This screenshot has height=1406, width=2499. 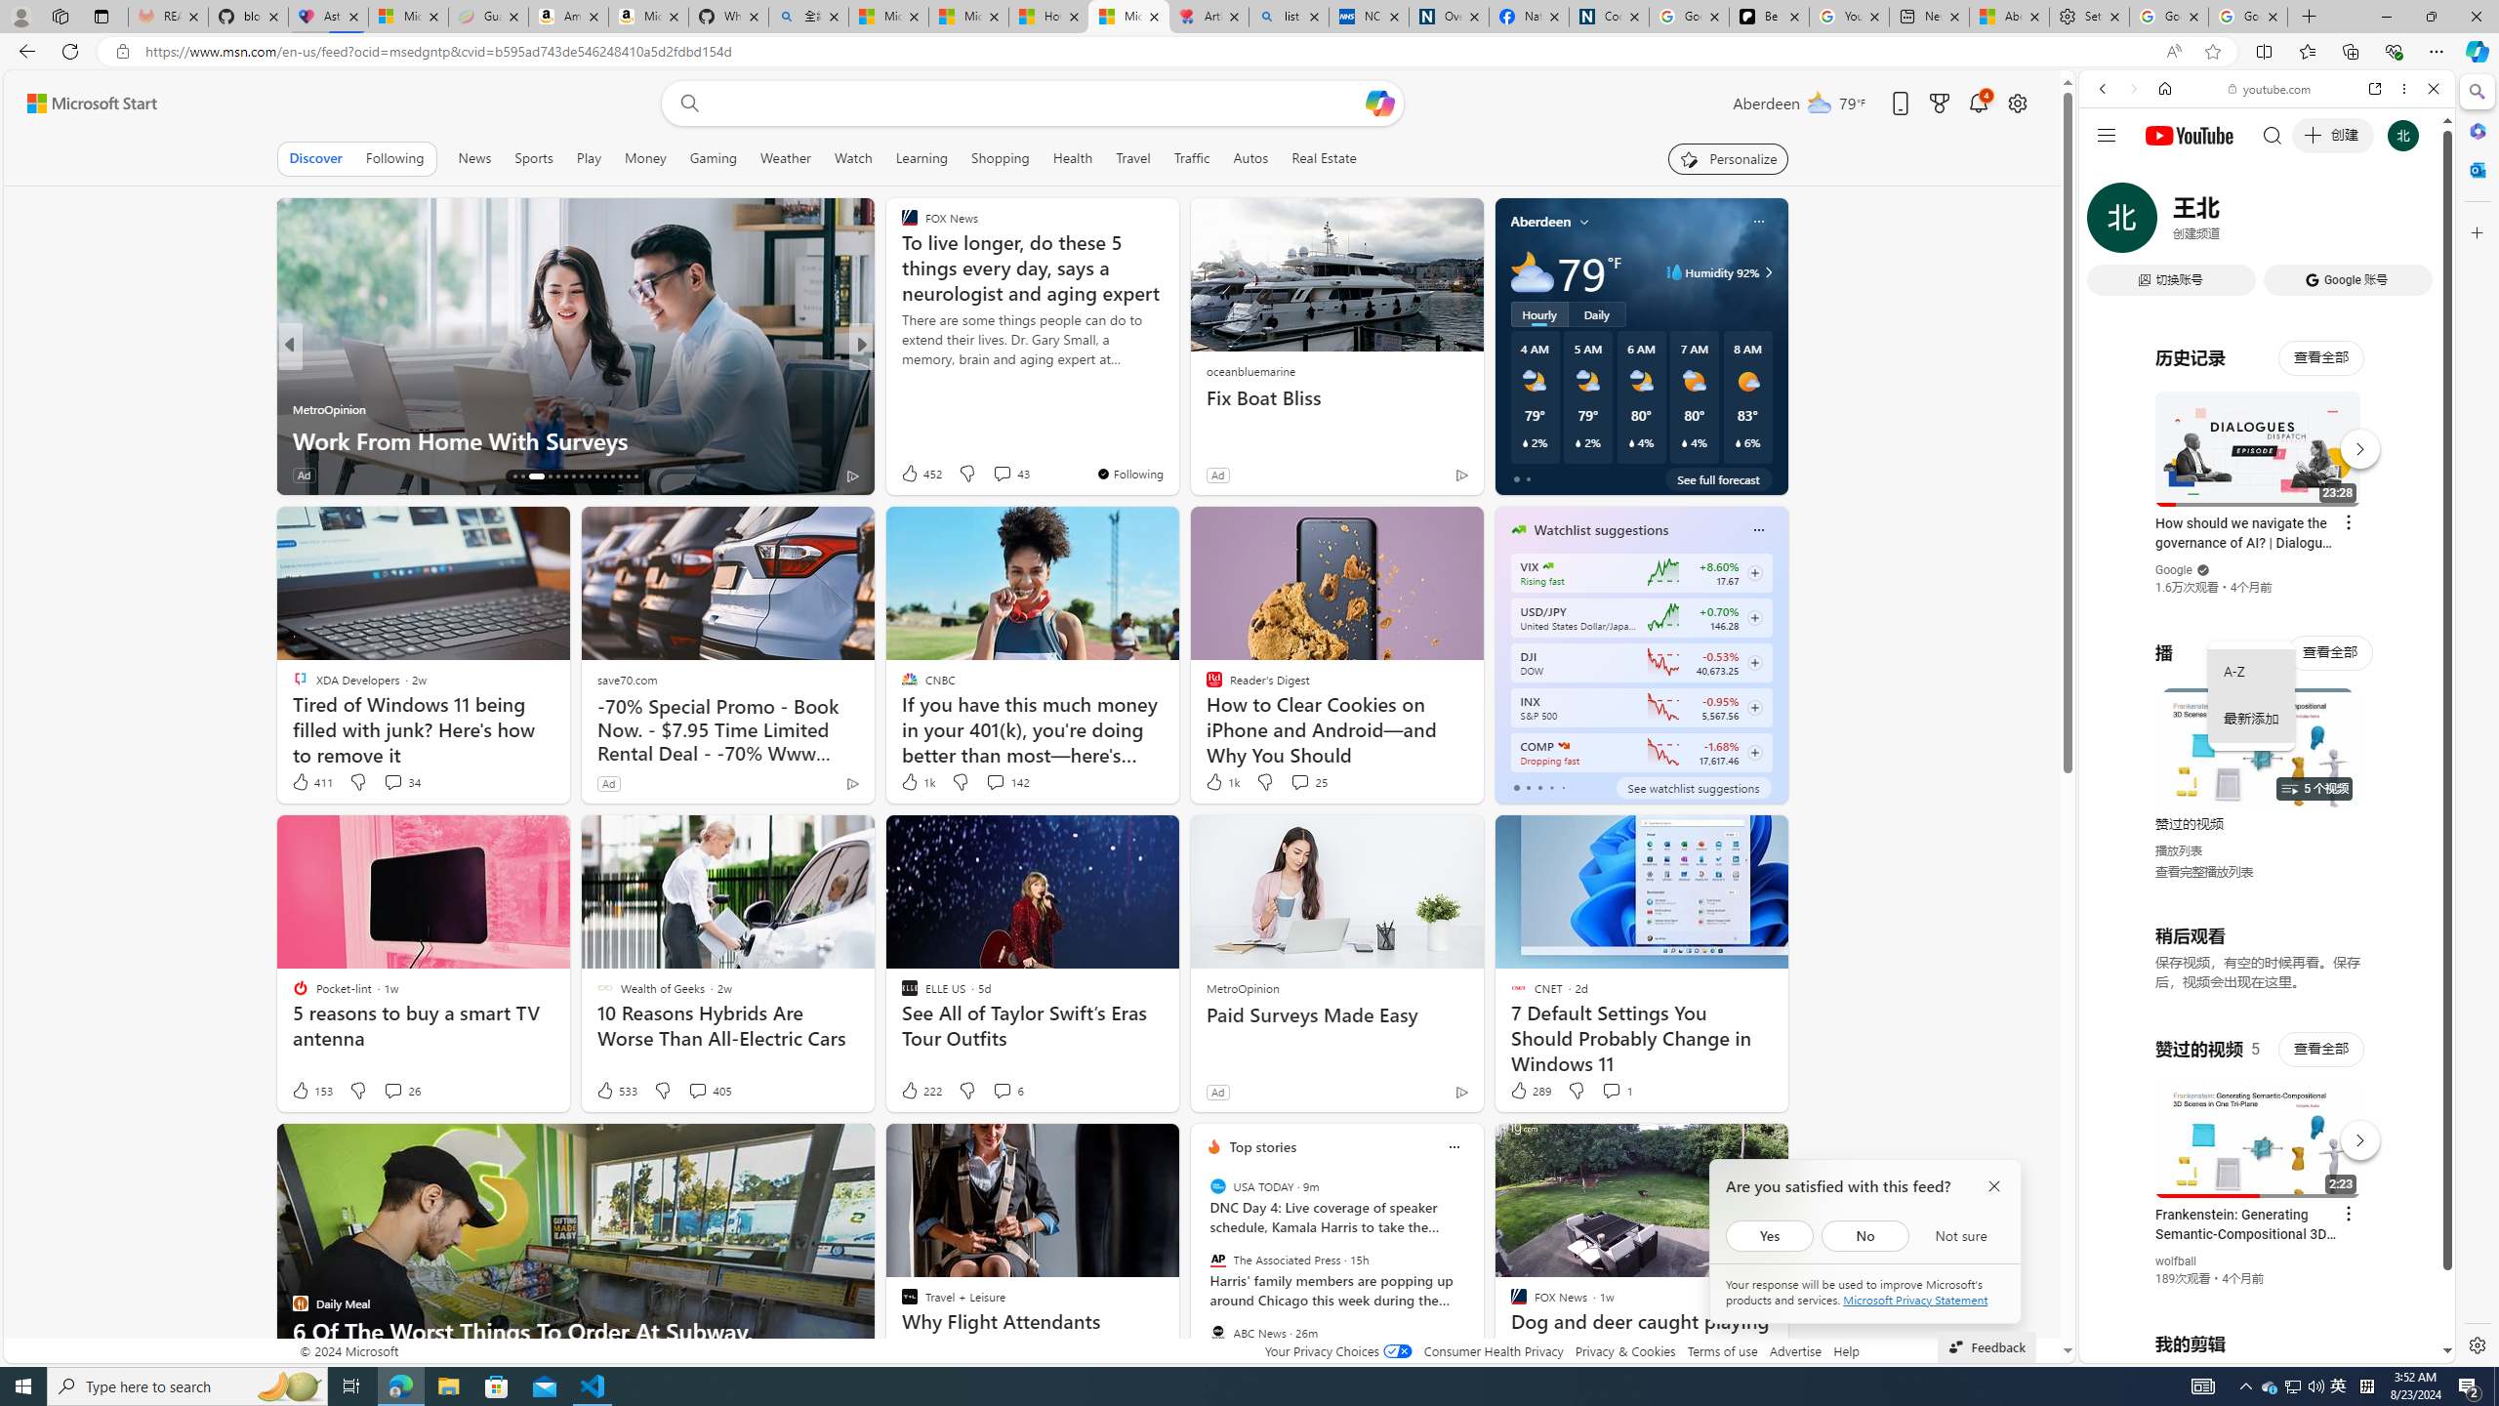 I want to click on 'YouTube - YouTube', so click(x=2259, y=962).